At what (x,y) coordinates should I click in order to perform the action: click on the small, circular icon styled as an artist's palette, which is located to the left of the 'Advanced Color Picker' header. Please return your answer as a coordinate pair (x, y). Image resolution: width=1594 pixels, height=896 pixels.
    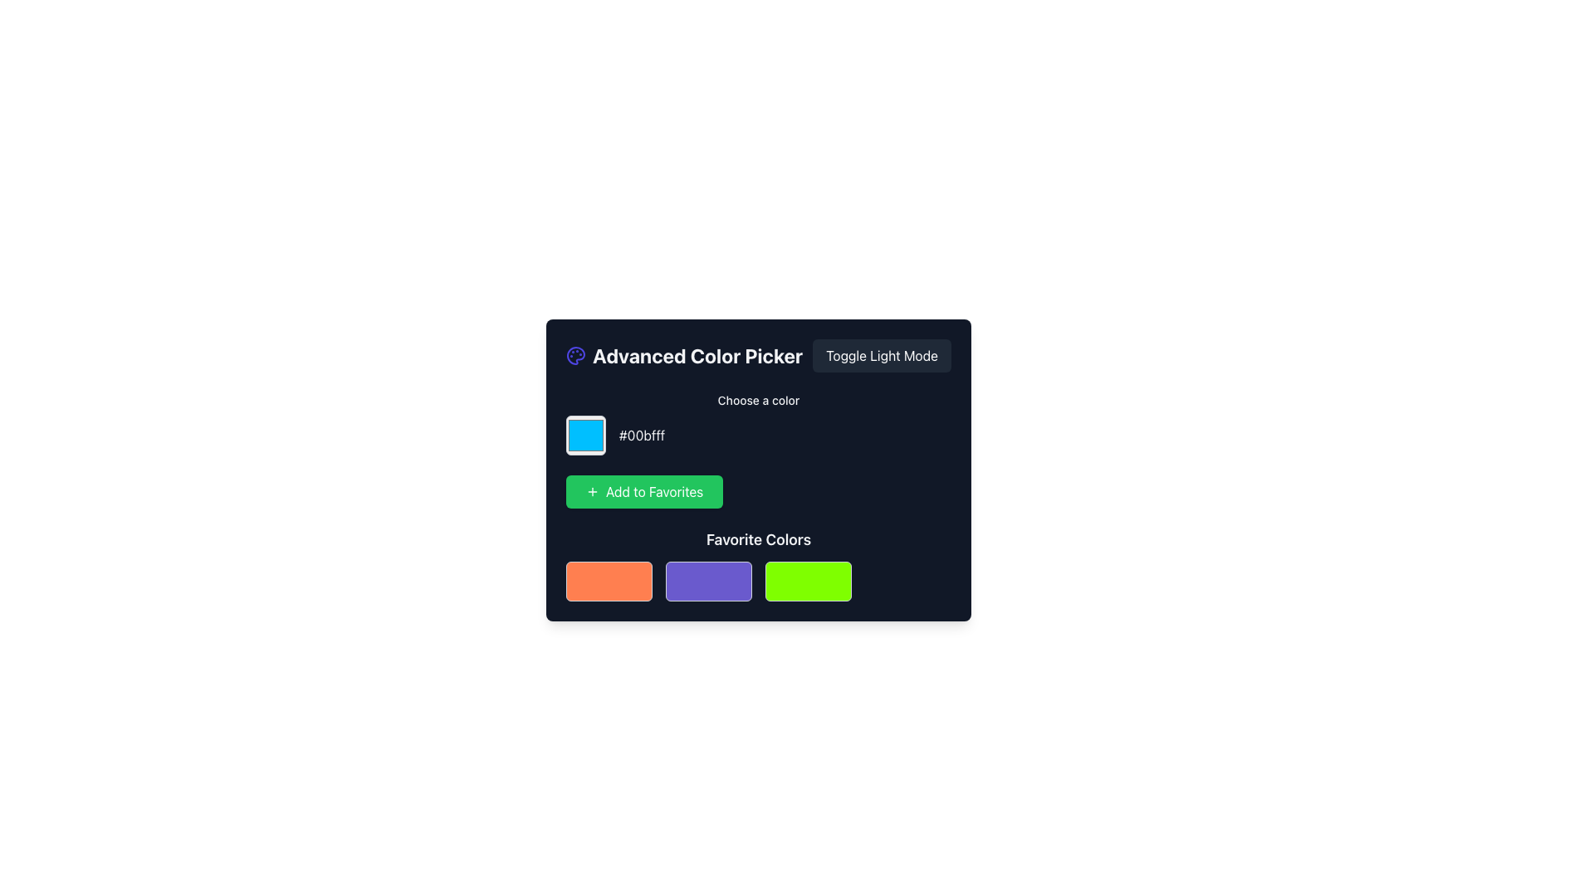
    Looking at the image, I should click on (576, 354).